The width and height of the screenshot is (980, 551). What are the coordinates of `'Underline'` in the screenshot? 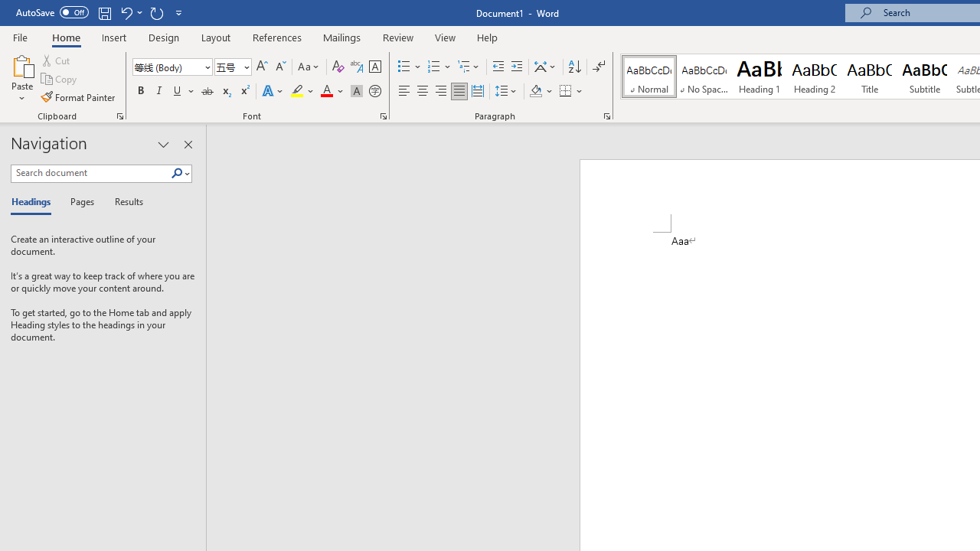 It's located at (178, 91).